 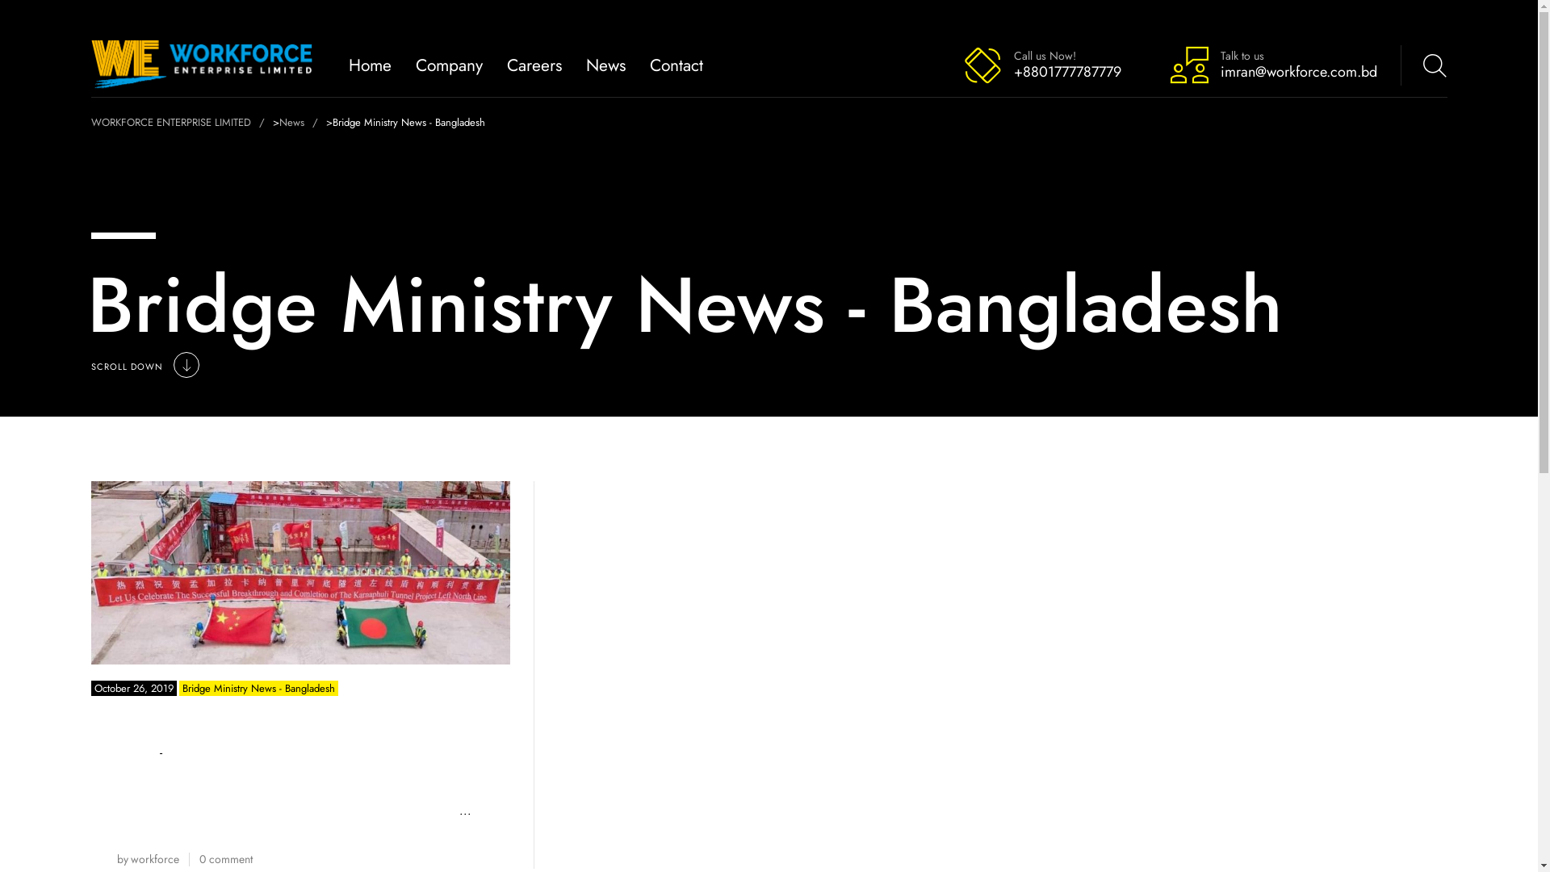 What do you see at coordinates (1387, 55) in the screenshot?
I see `'Search'` at bounding box center [1387, 55].